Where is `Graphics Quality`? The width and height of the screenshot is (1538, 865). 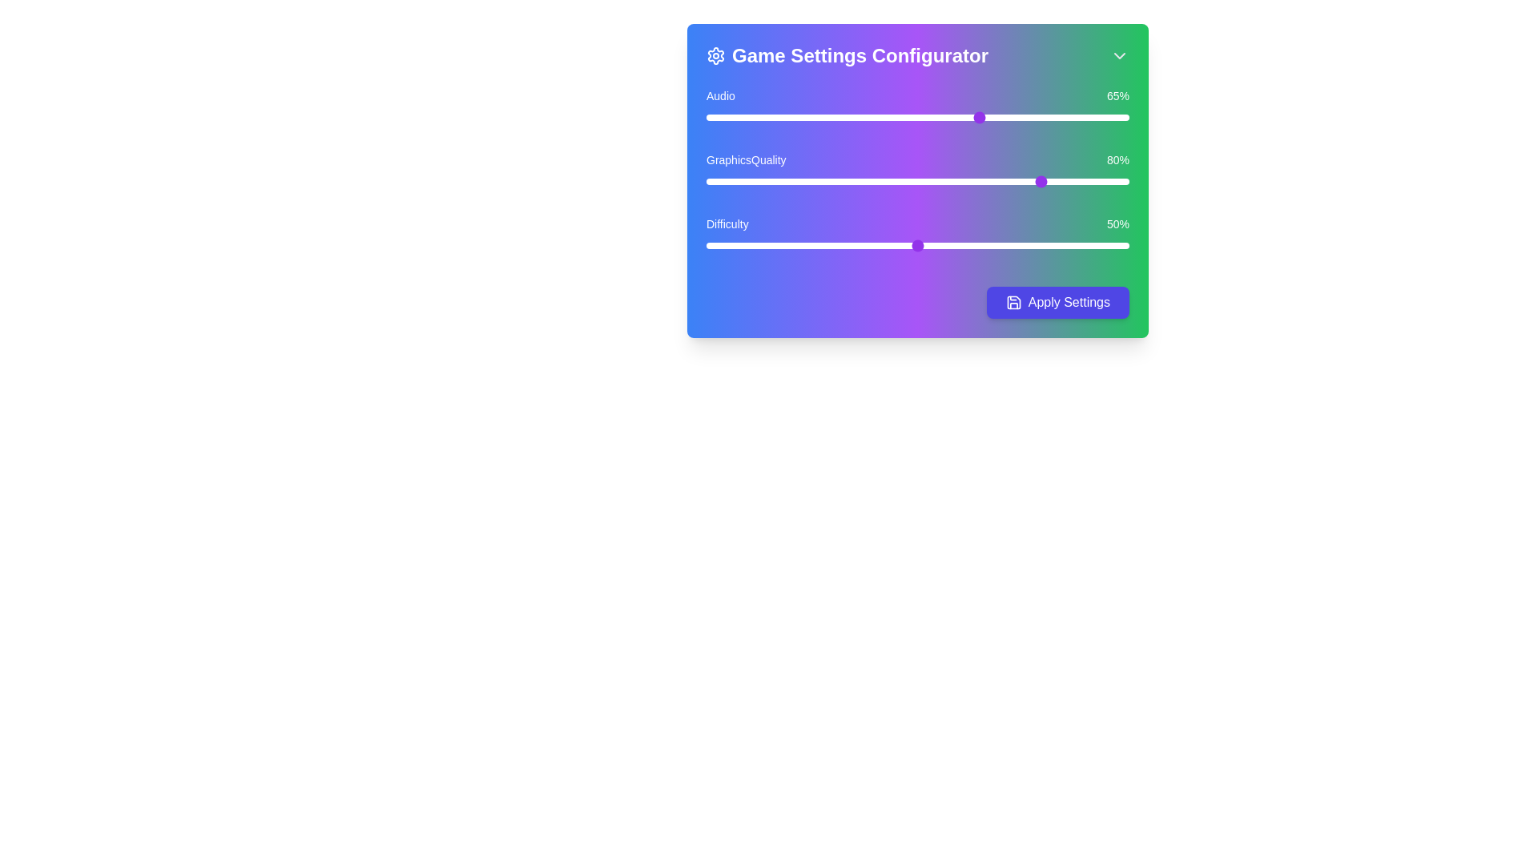 Graphics Quality is located at coordinates (1098, 181).